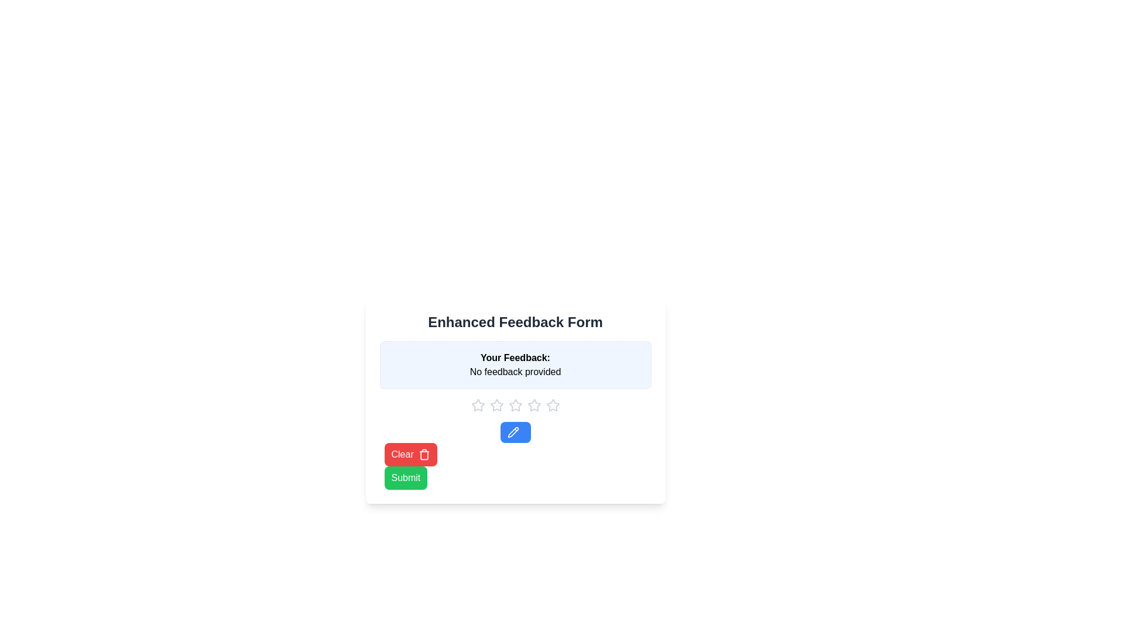 The height and width of the screenshot is (632, 1124). What do you see at coordinates (496, 404) in the screenshot?
I see `the first star icon in the rating system below the 'Your Feedback' section of the 'Enhanced Feedback Form'` at bounding box center [496, 404].